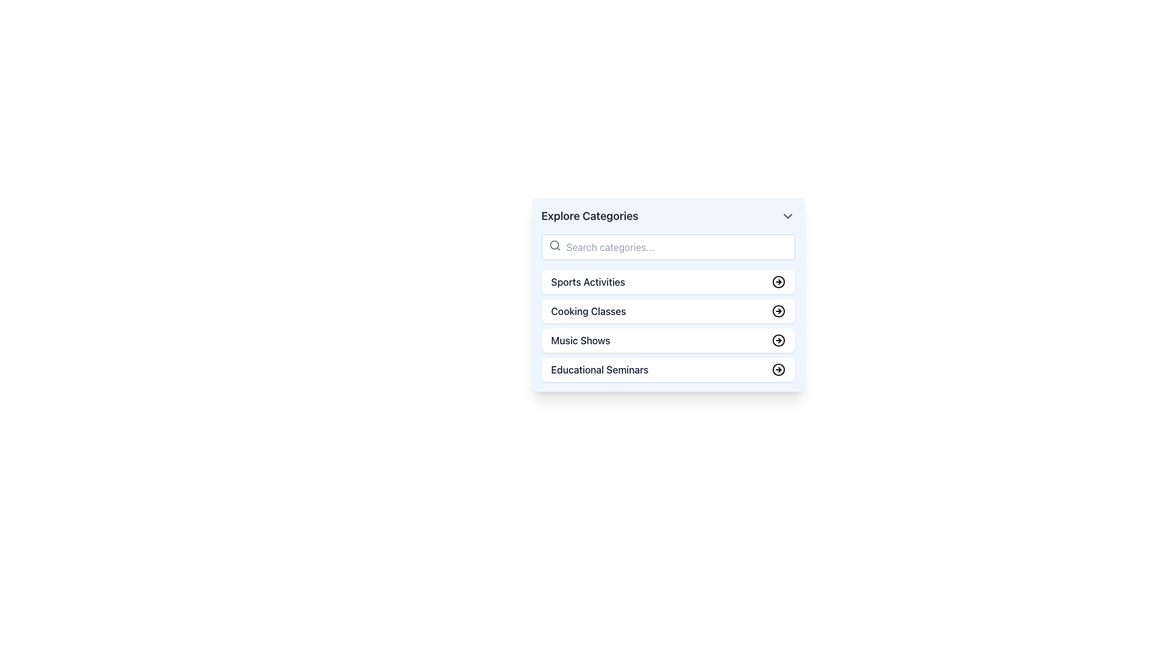  What do you see at coordinates (667, 281) in the screenshot?
I see `the first button-like option in the list` at bounding box center [667, 281].